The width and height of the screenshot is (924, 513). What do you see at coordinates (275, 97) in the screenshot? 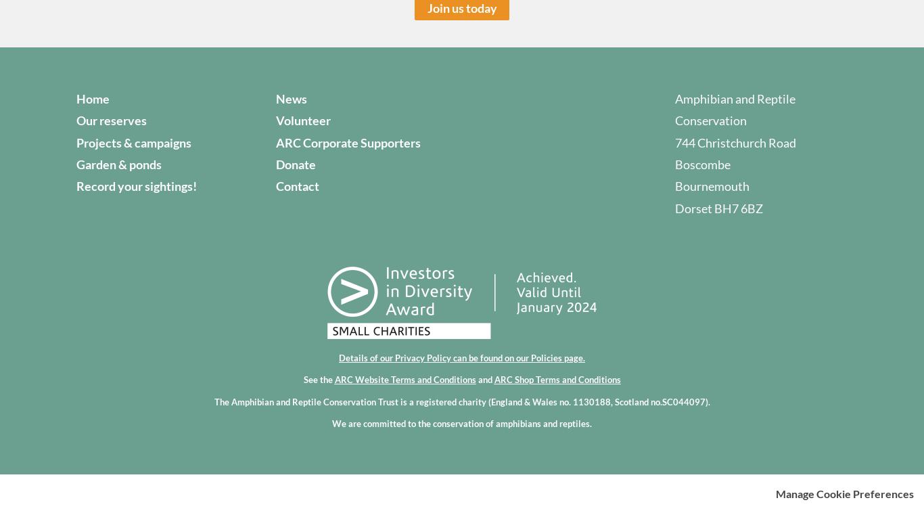
I see `'News'` at bounding box center [275, 97].